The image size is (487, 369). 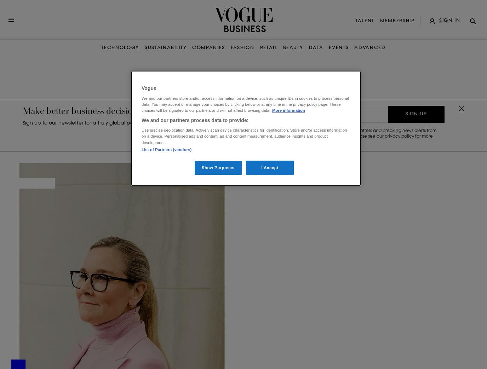 I want to click on 'Events', so click(x=339, y=47).